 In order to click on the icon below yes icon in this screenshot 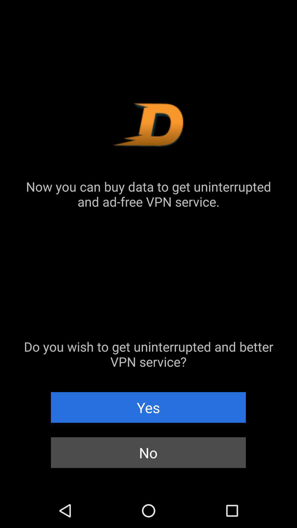, I will do `click(148, 452)`.